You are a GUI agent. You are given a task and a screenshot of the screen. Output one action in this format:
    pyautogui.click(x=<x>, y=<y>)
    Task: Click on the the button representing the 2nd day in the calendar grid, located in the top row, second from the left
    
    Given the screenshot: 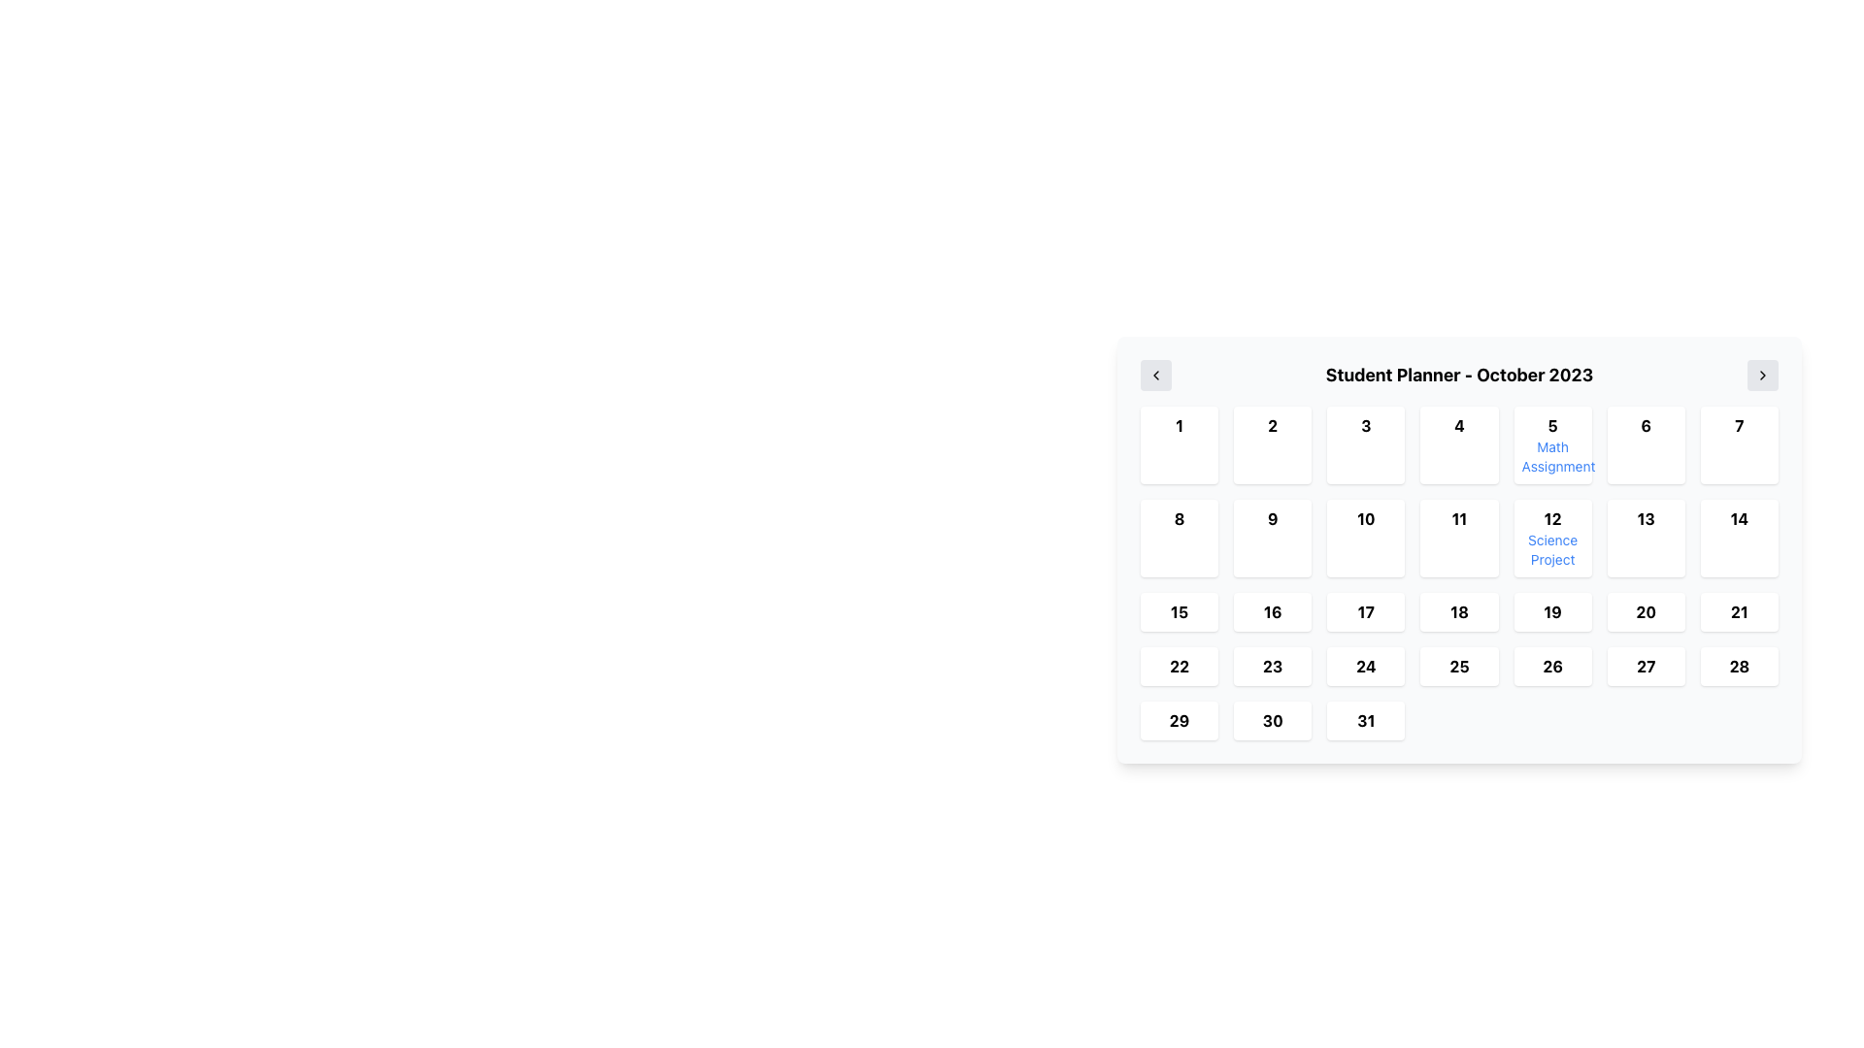 What is the action you would take?
    pyautogui.click(x=1273, y=445)
    